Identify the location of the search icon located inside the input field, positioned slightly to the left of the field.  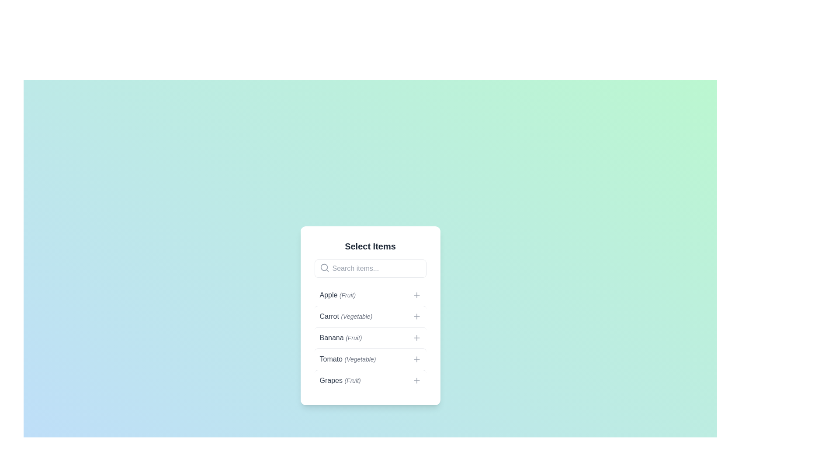
(324, 267).